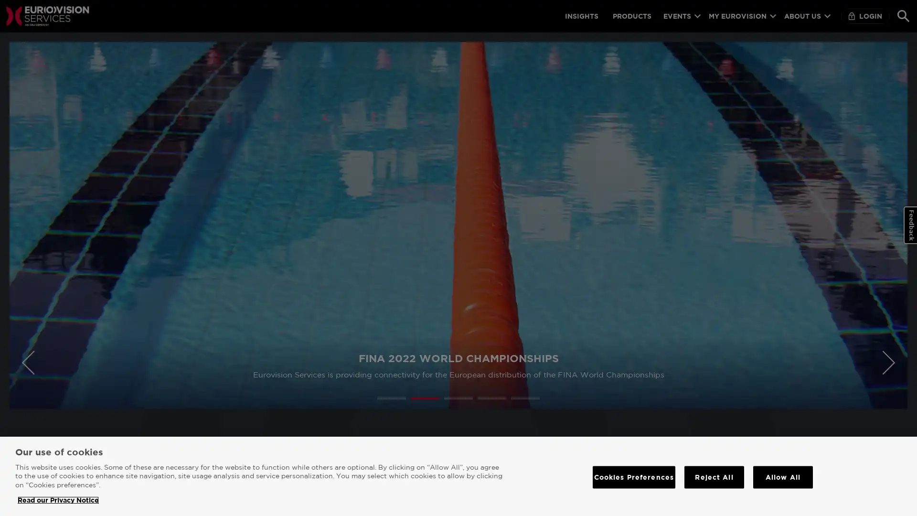 The height and width of the screenshot is (516, 917). What do you see at coordinates (458, 398) in the screenshot?
I see `Carousel Page 3` at bounding box center [458, 398].